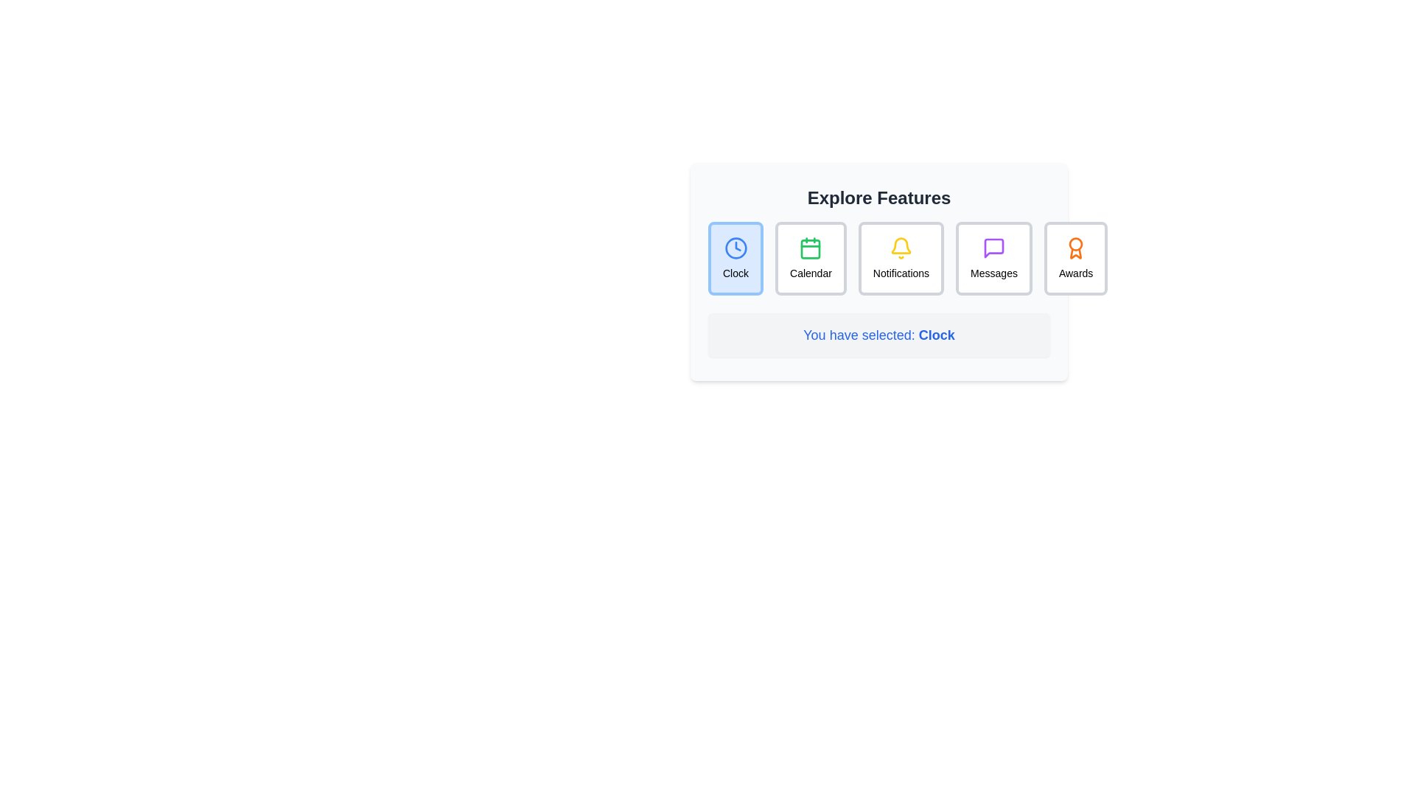  What do you see at coordinates (901, 258) in the screenshot?
I see `the Notifications button, which is the third button in a horizontal row, located between the Calendar button and the Messages button` at bounding box center [901, 258].